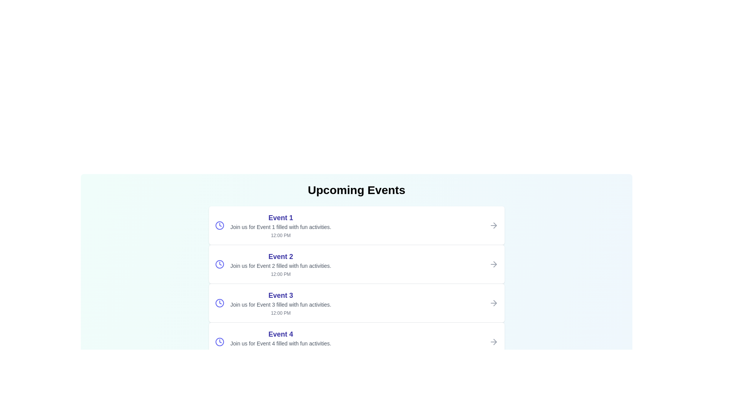 The height and width of the screenshot is (415, 739). I want to click on the title of the event Event 2 to select it, so click(280, 256).